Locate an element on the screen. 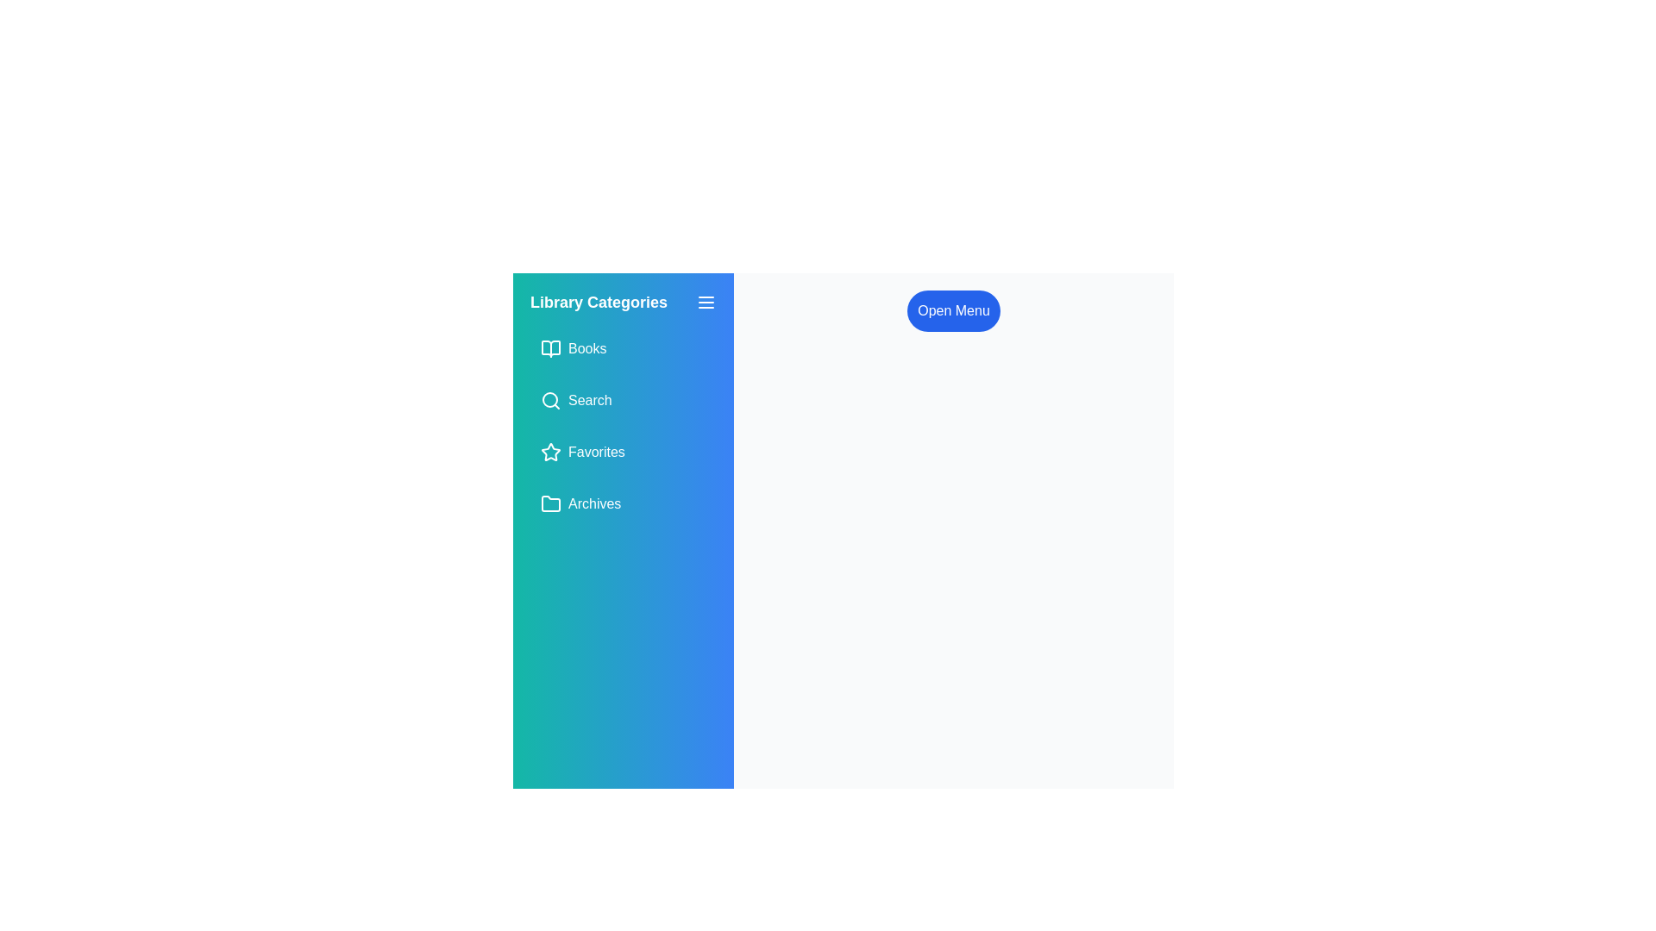  the 'Open Menu' button to open the sidebar is located at coordinates (951, 311).